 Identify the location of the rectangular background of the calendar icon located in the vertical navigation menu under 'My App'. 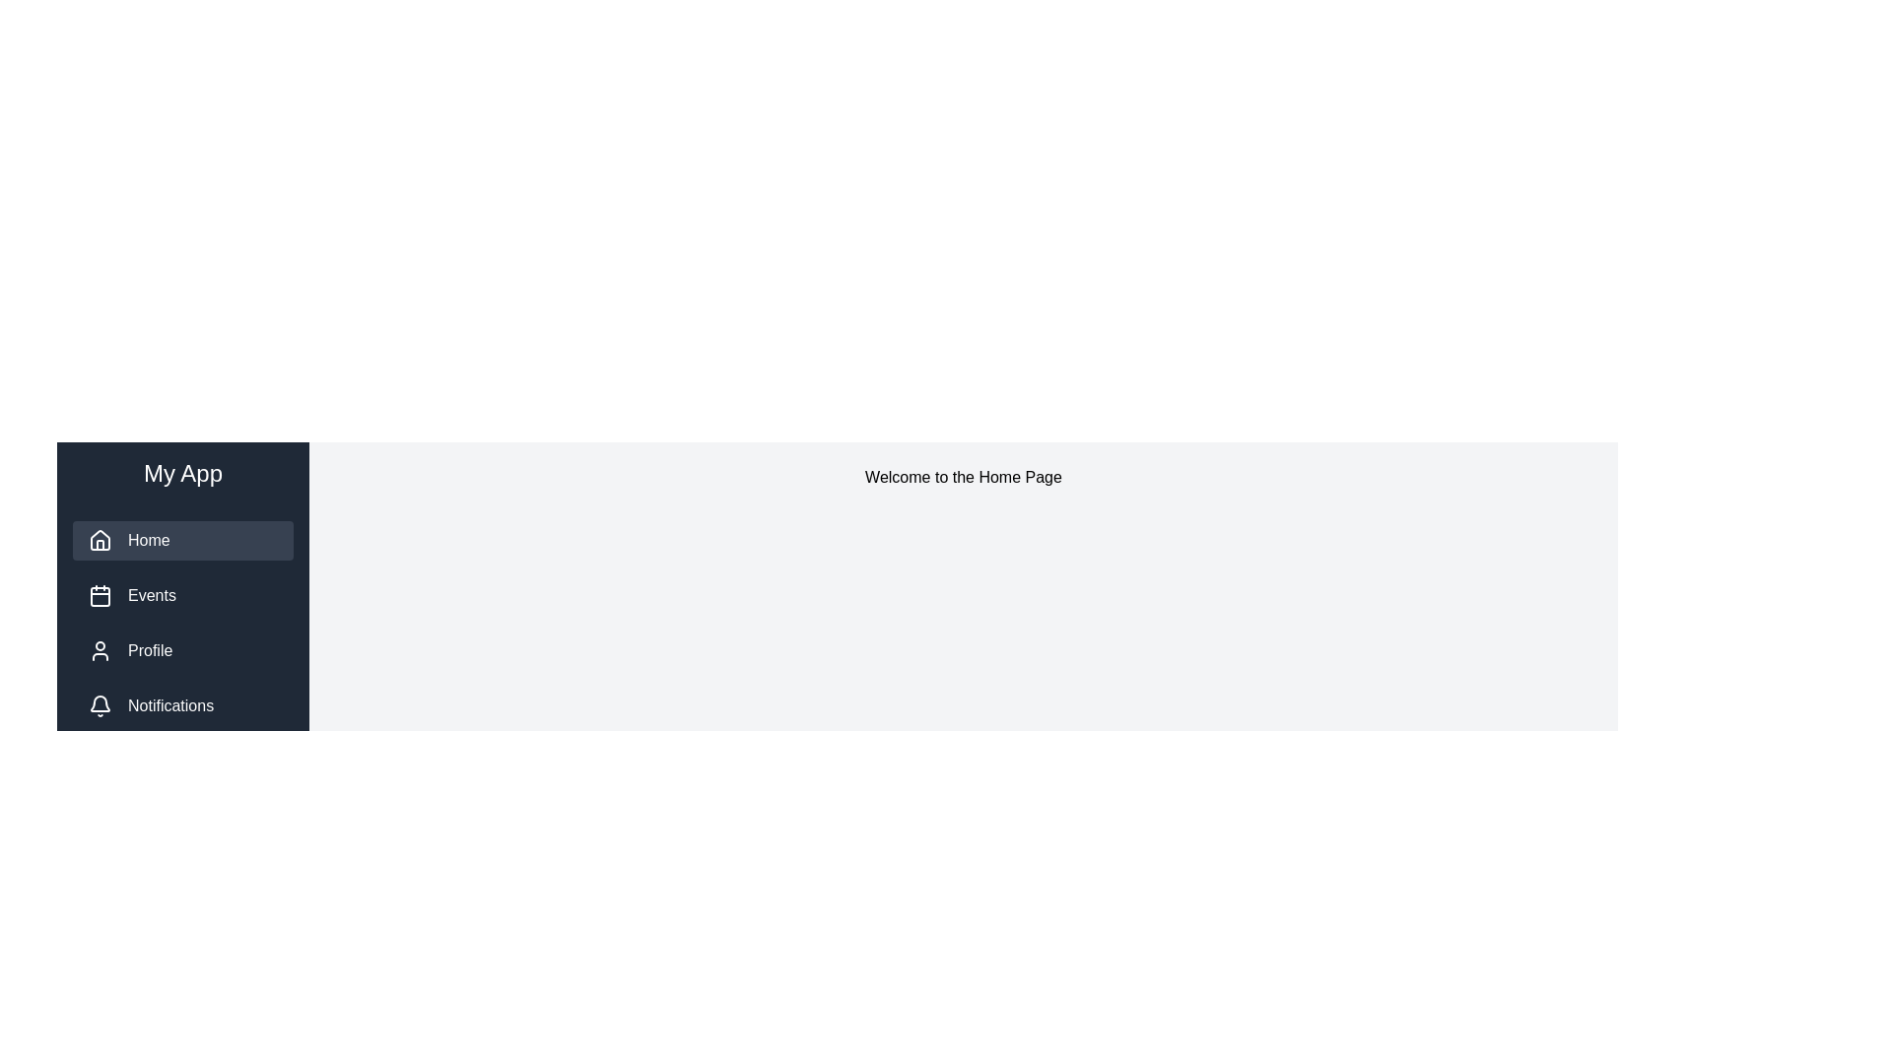
(99, 595).